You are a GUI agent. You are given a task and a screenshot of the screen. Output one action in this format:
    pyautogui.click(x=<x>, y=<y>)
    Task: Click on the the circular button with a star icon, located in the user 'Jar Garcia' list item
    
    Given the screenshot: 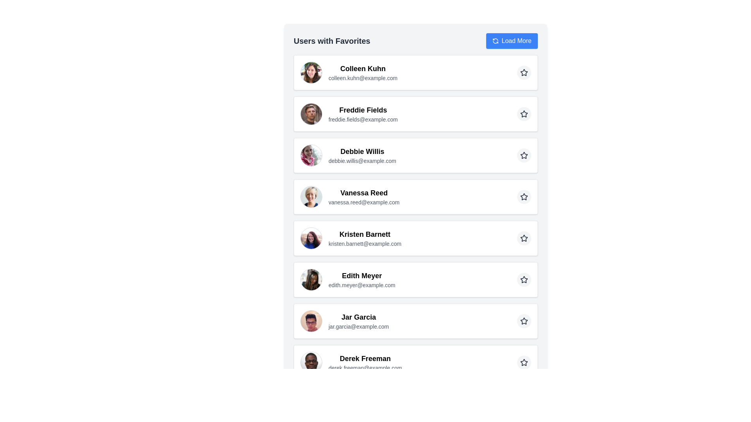 What is the action you would take?
    pyautogui.click(x=524, y=321)
    